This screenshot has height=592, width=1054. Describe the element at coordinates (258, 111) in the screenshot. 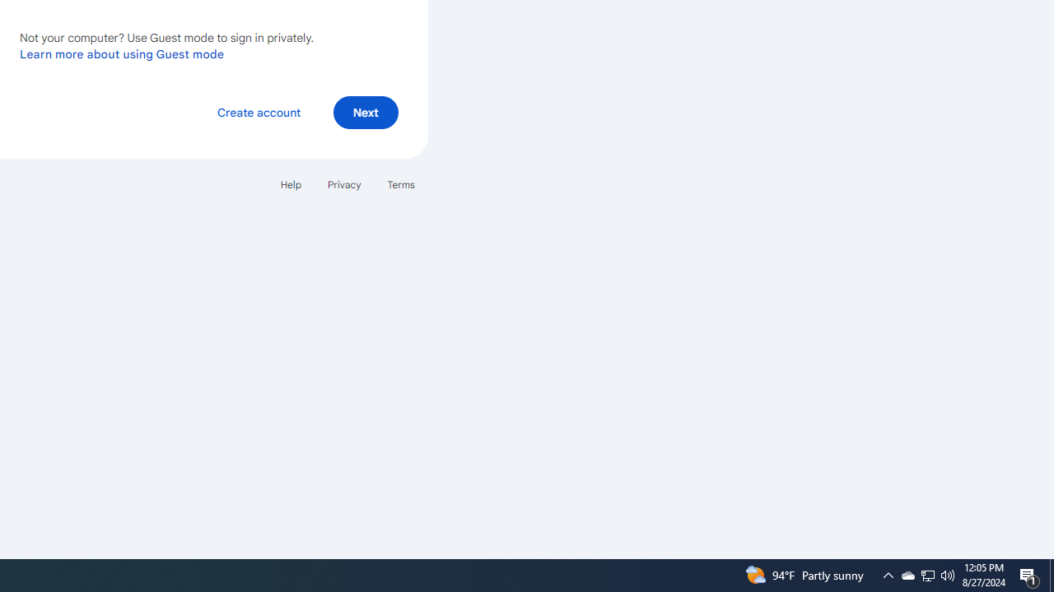

I see `'Create account'` at that location.